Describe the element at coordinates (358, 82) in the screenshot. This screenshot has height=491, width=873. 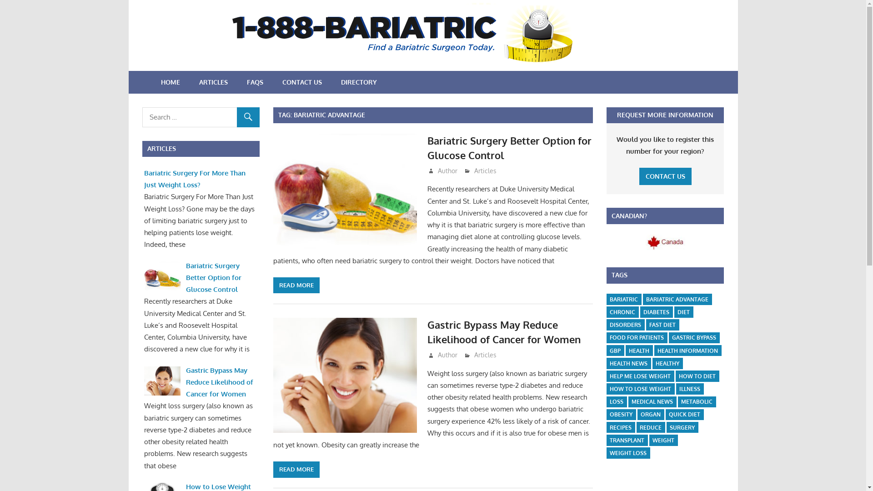
I see `'DIRECTORY'` at that location.